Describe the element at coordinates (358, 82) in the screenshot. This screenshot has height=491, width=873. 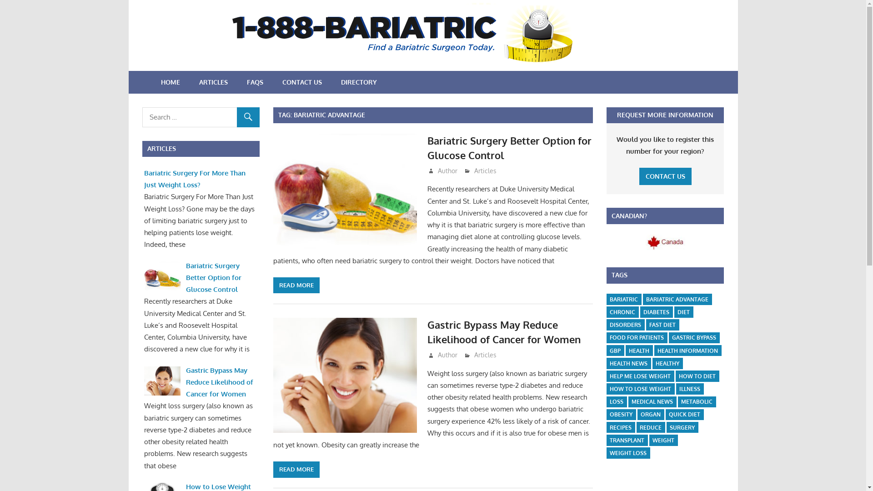
I see `'DIRECTORY'` at that location.